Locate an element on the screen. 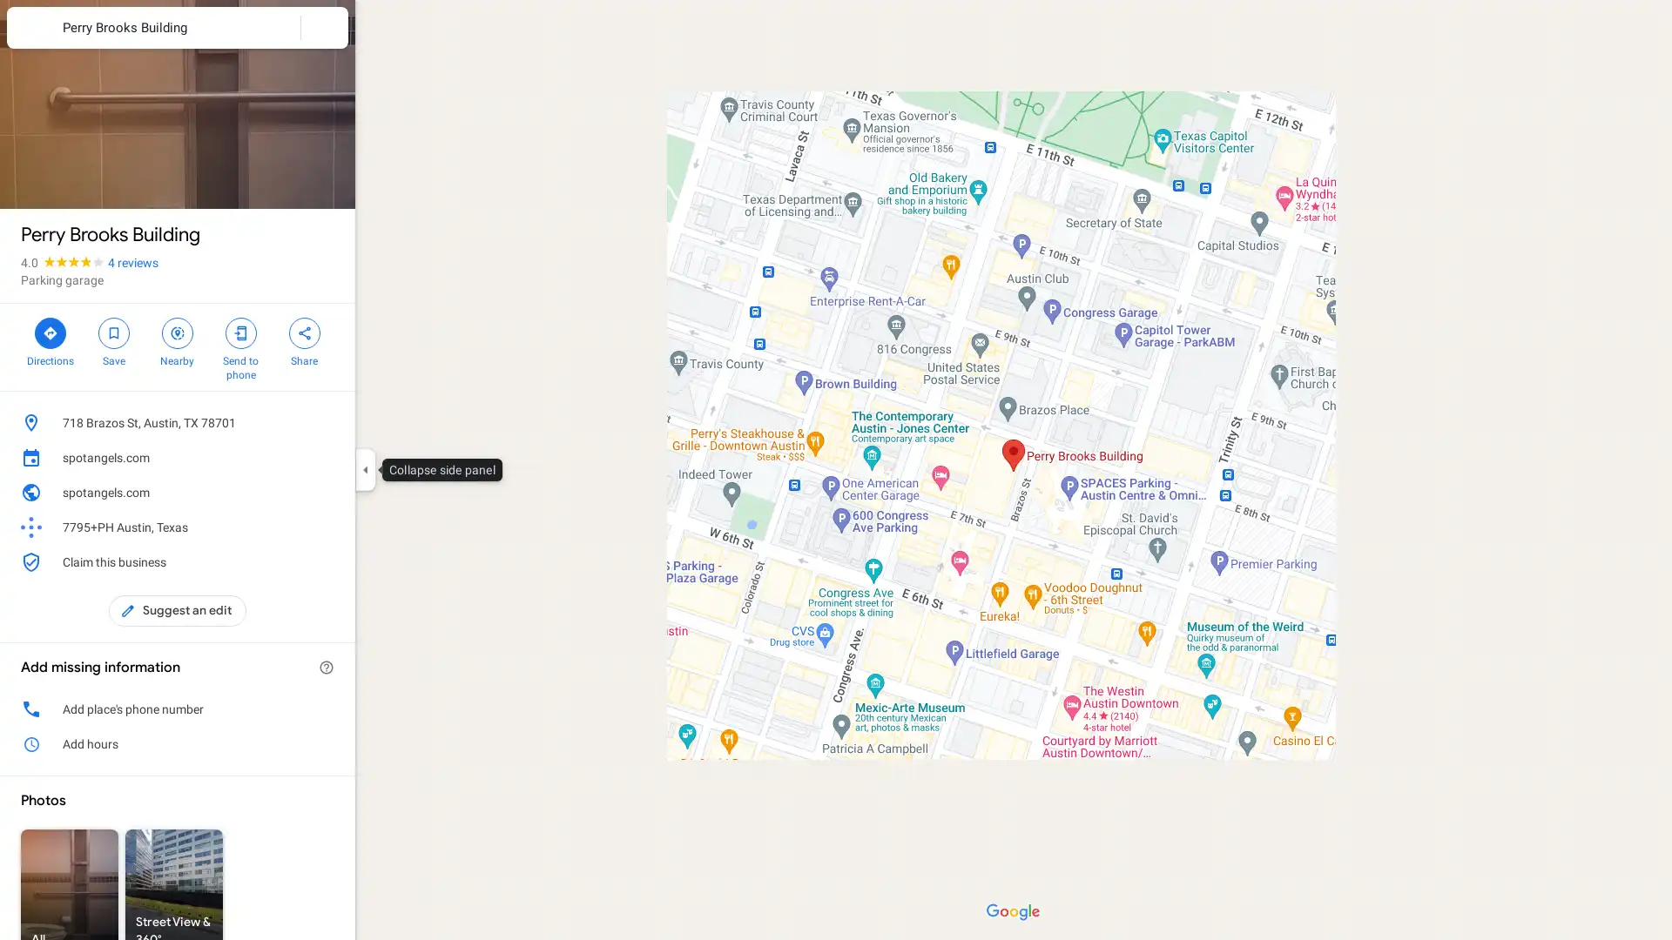  Search is located at coordinates (276, 27).